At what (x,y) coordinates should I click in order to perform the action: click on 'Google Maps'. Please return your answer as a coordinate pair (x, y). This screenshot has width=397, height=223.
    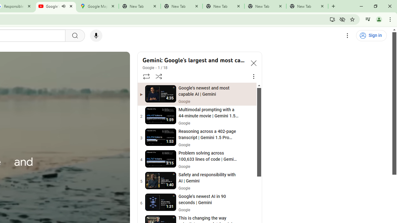
    Looking at the image, I should click on (97, 6).